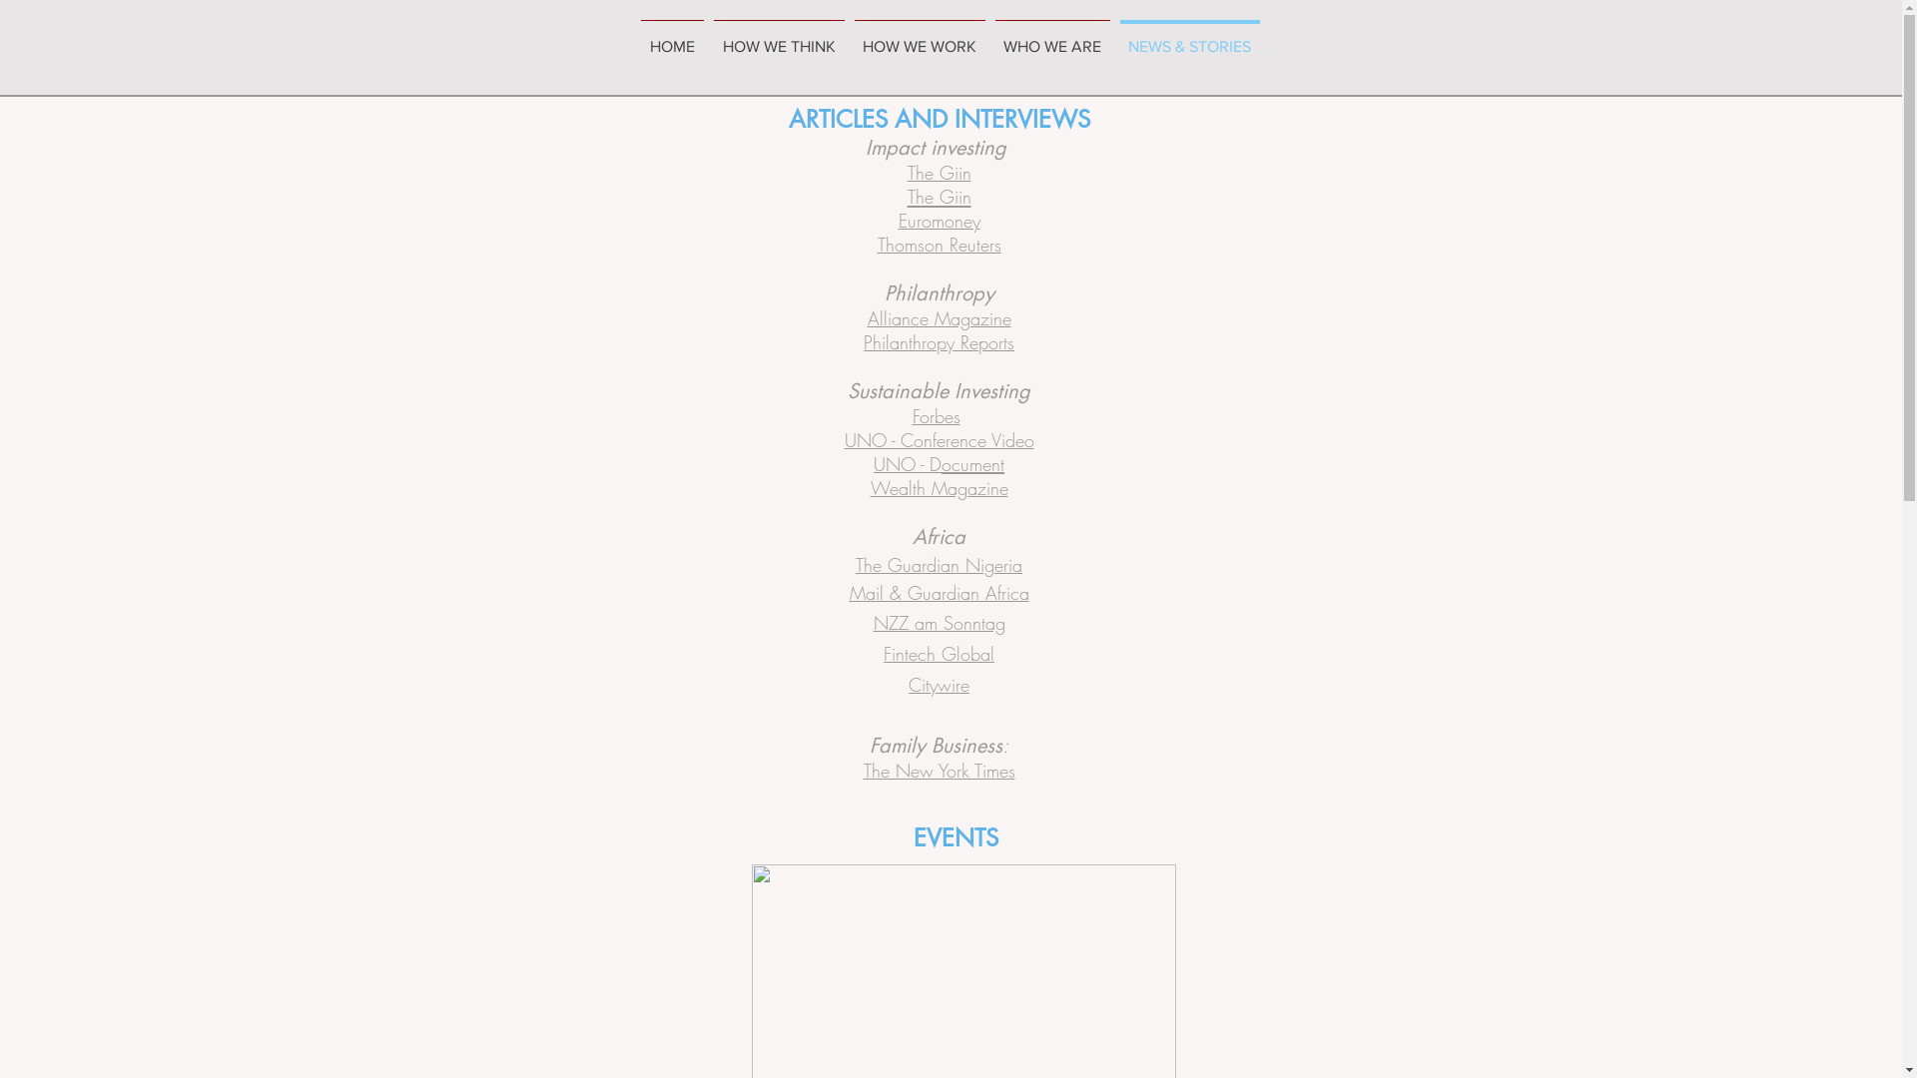 This screenshot has width=1917, height=1078. I want to click on 'HOW WE WORK', so click(918, 38).